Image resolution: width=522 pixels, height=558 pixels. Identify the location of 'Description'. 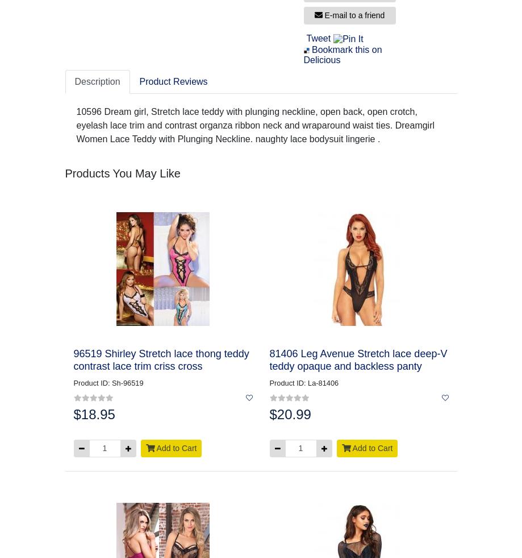
(97, 81).